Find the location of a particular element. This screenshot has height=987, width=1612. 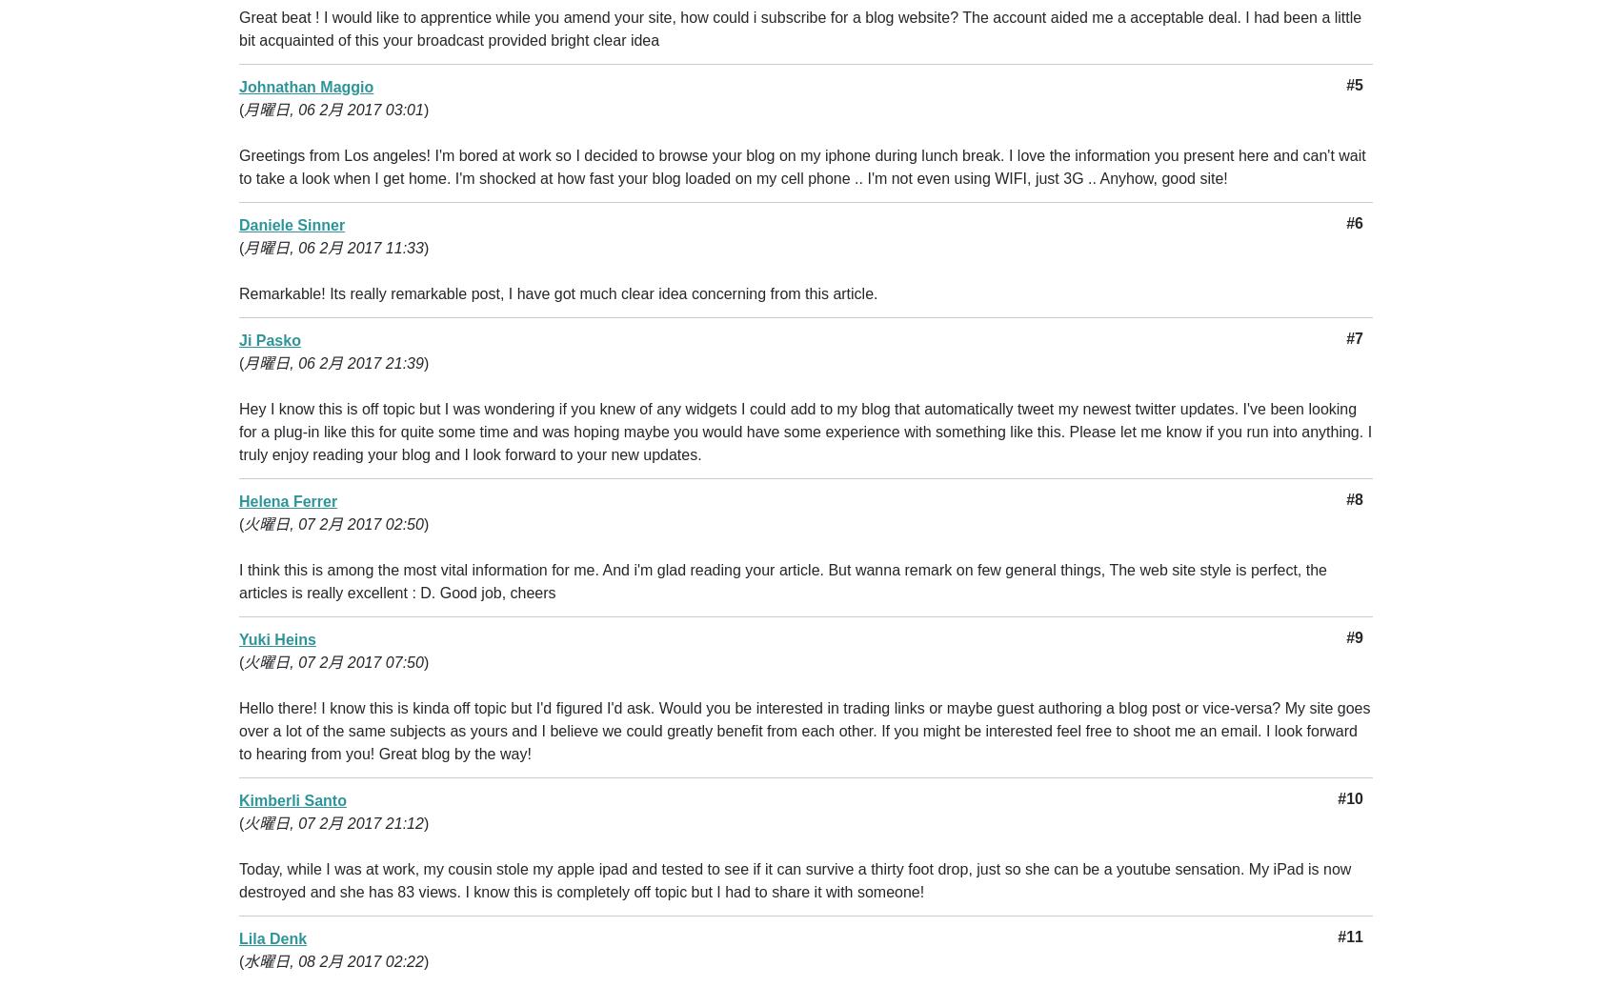

'#9' is located at coordinates (1353, 637).